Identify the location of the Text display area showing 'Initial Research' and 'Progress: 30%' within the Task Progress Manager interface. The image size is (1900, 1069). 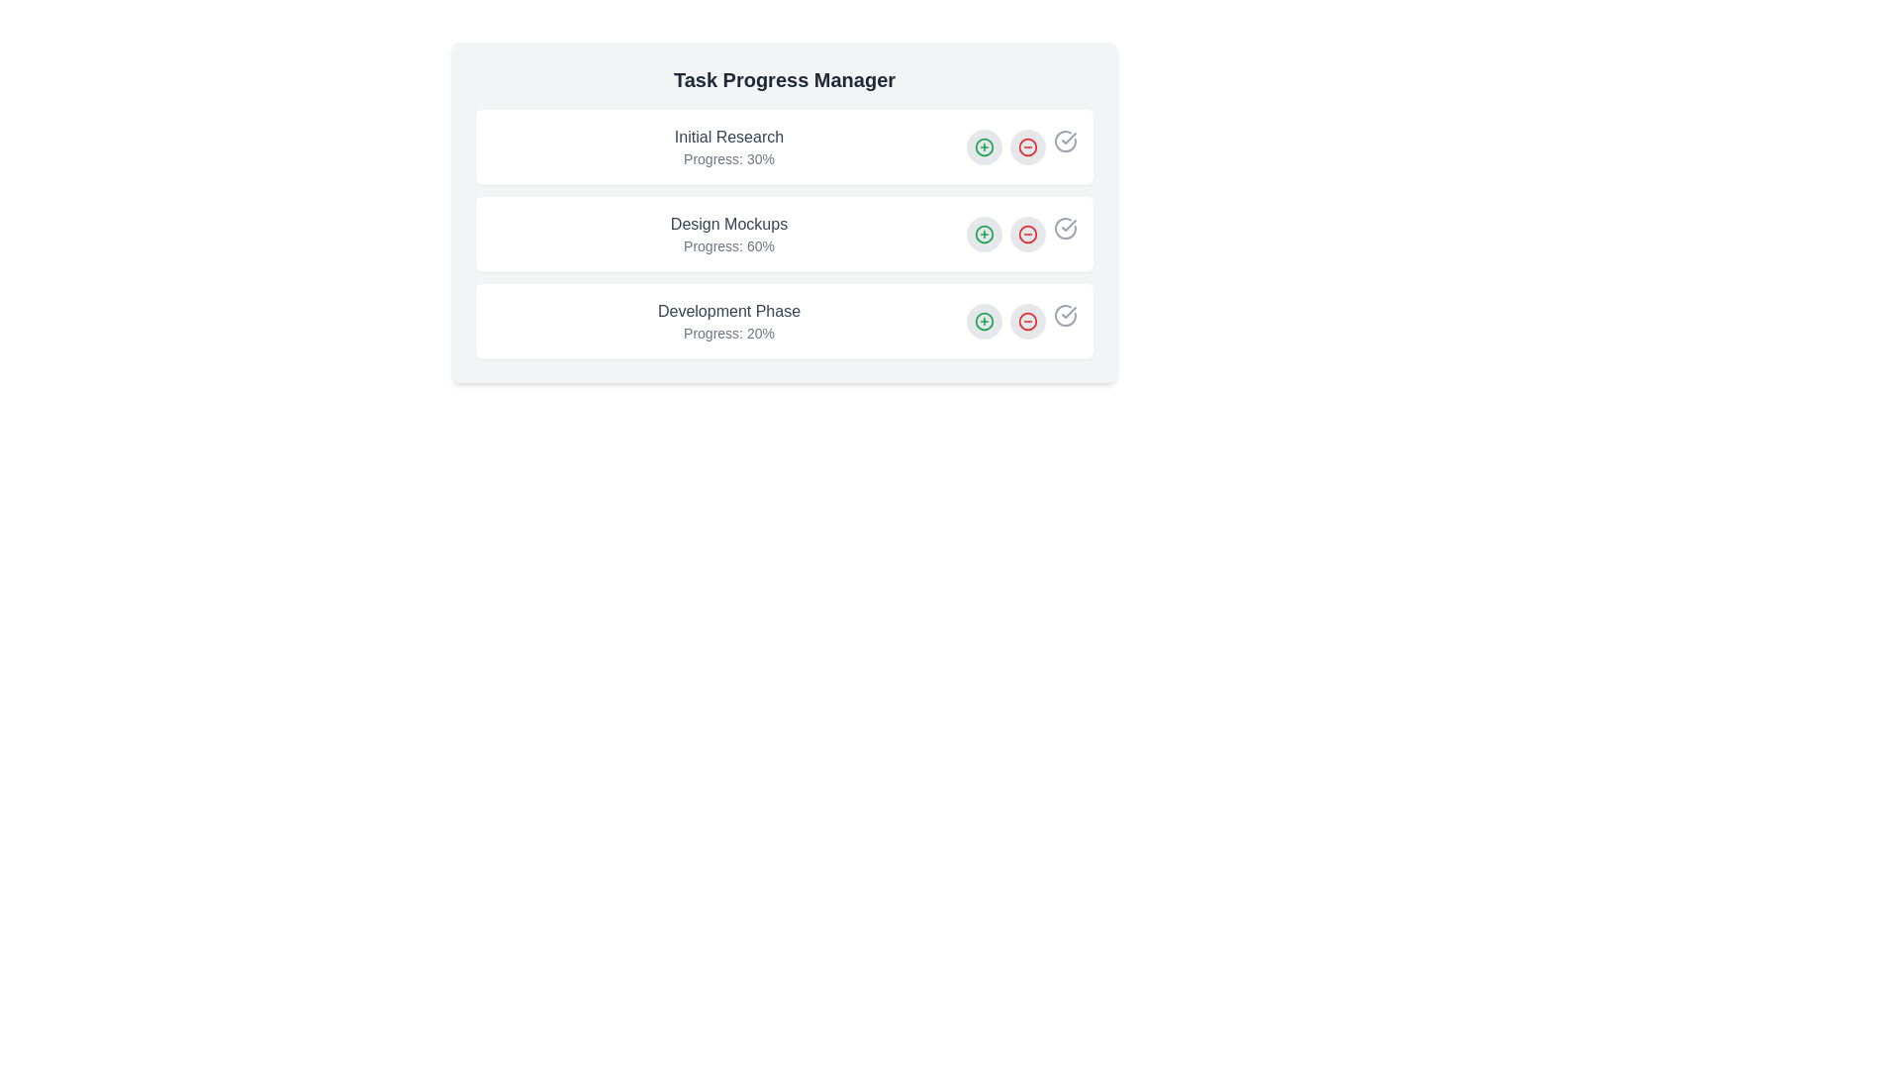
(728, 146).